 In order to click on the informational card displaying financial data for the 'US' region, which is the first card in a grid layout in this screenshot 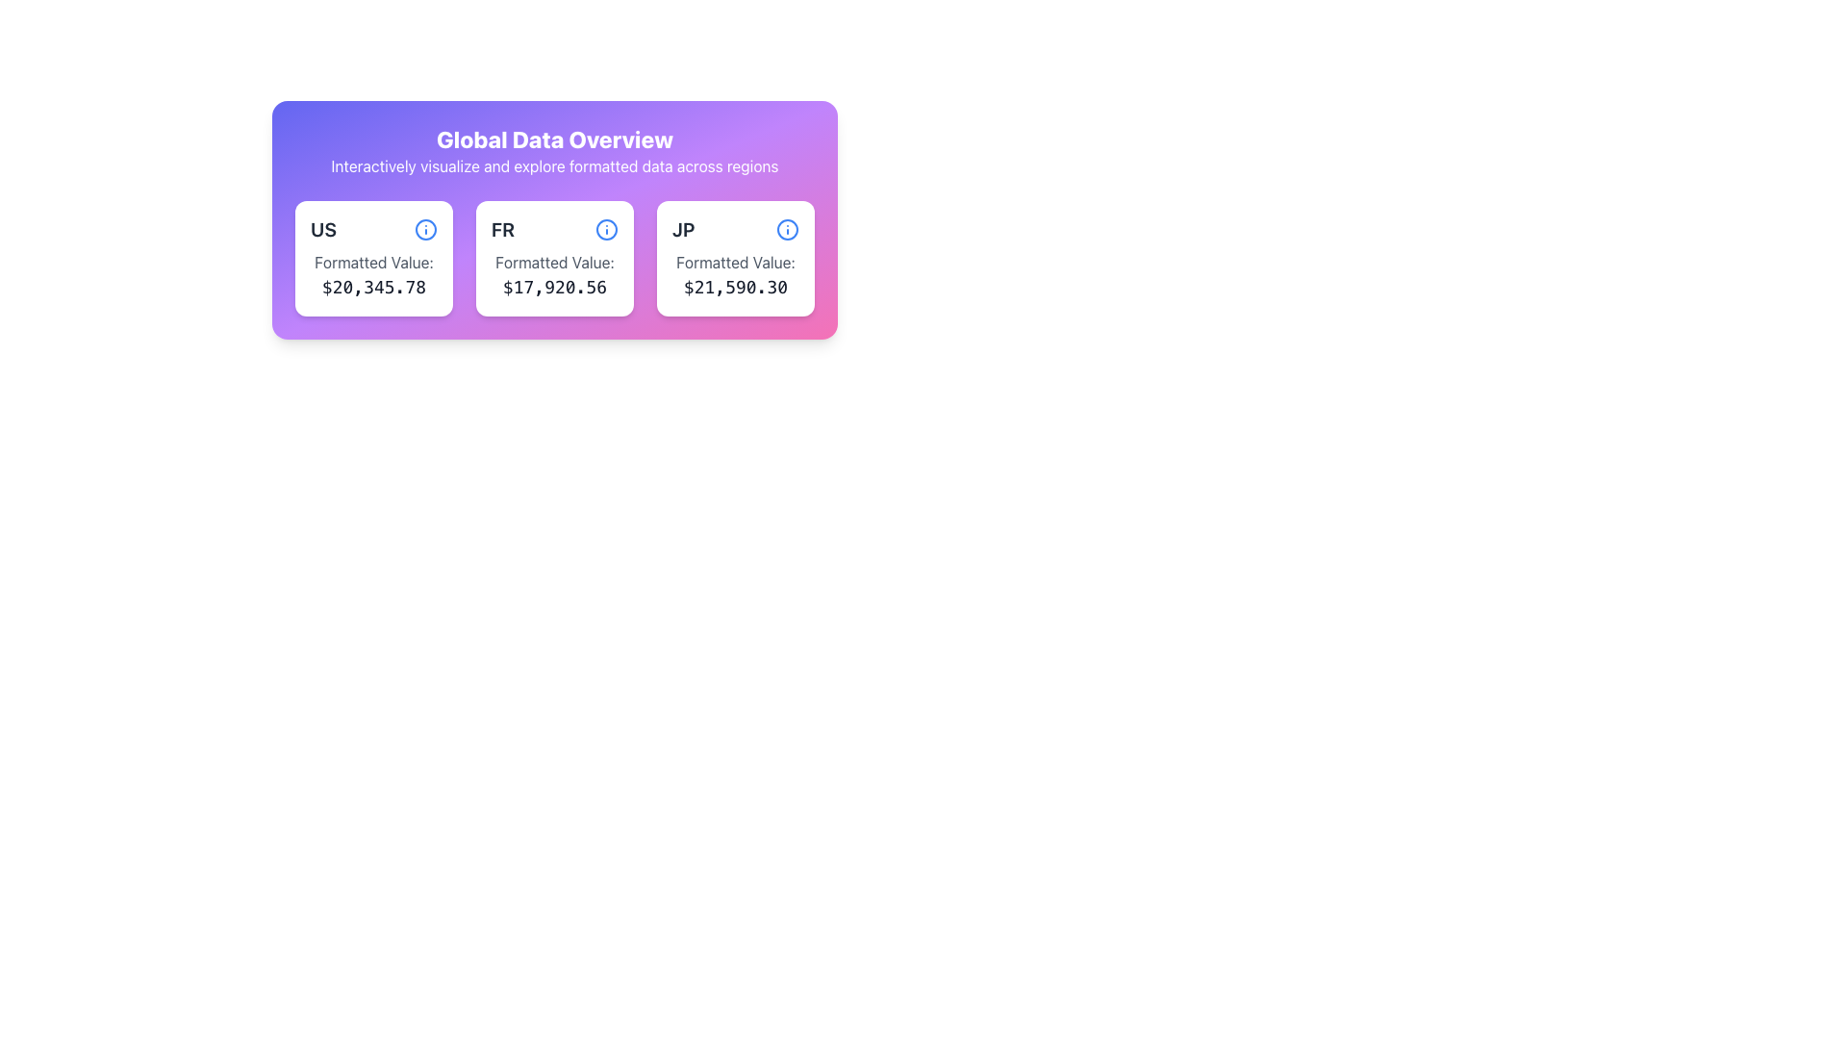, I will do `click(373, 258)`.